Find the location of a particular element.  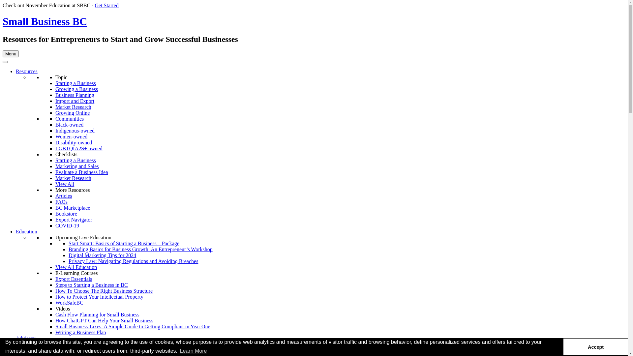

'LGBTQIA2S+ owned' is located at coordinates (79, 148).